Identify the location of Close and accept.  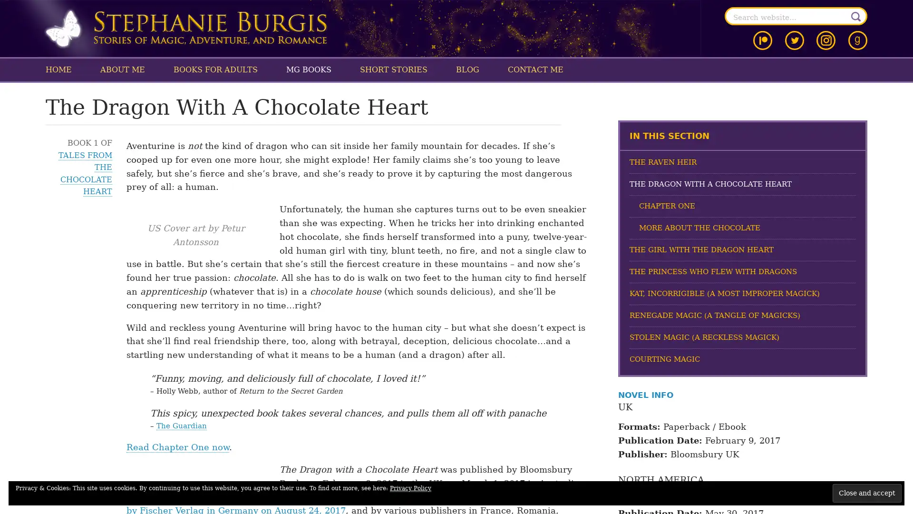
(867, 493).